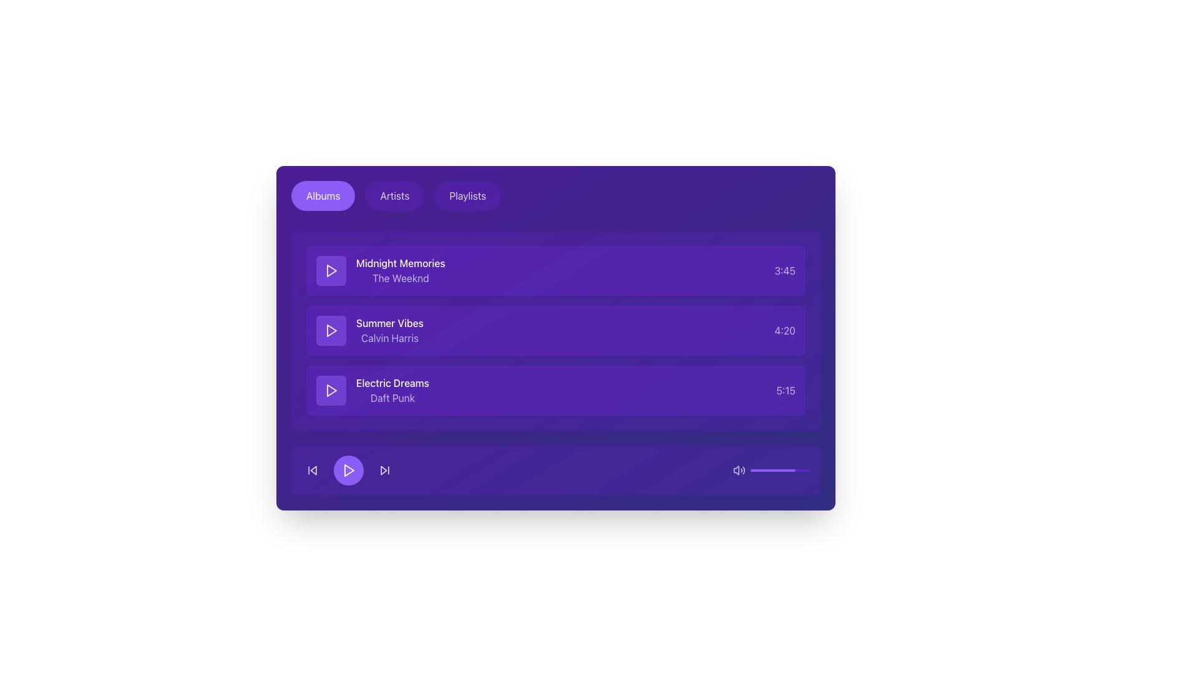 The width and height of the screenshot is (1198, 674). Describe the element at coordinates (762, 470) in the screenshot. I see `the volume level` at that location.